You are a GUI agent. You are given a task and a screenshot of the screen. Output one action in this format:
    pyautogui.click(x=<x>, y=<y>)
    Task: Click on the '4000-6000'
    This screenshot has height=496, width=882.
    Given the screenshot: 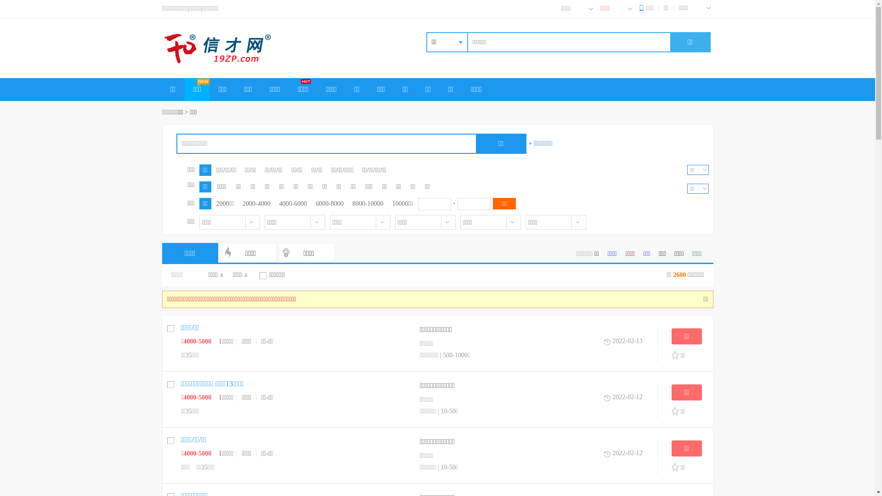 What is the action you would take?
    pyautogui.click(x=275, y=203)
    